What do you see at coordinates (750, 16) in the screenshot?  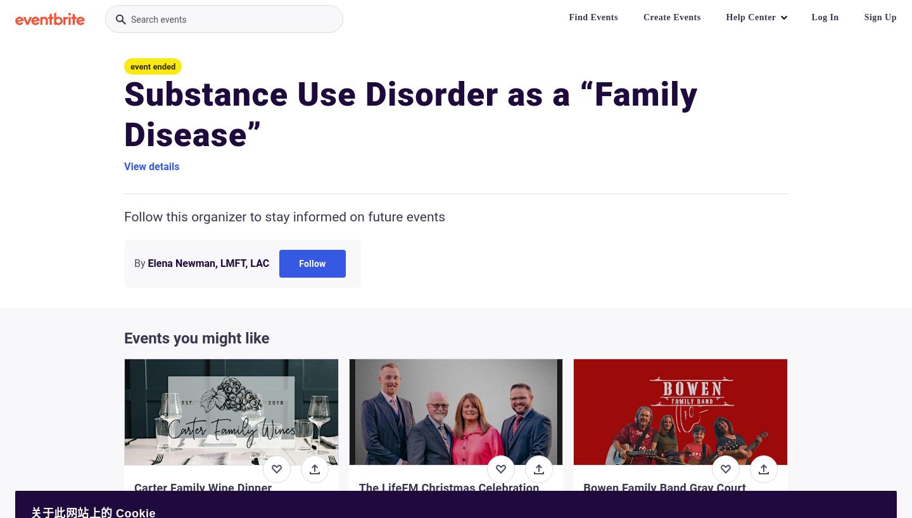 I see `'Help Center'` at bounding box center [750, 16].